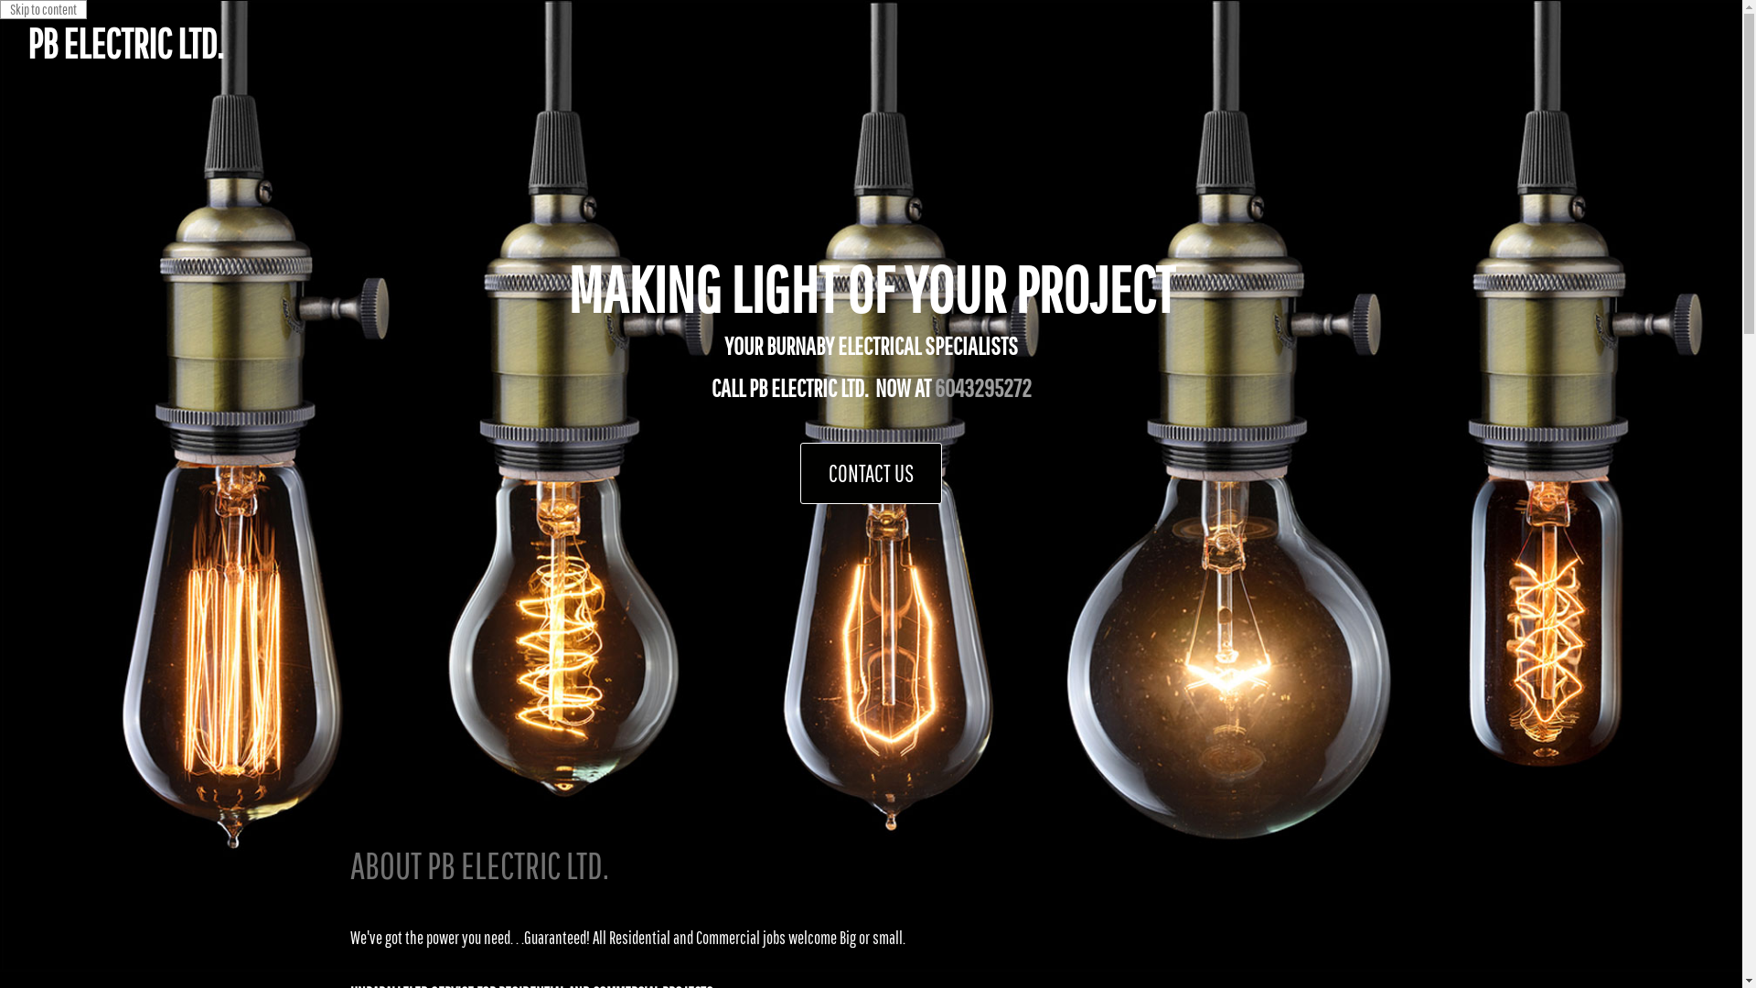 Image resolution: width=1756 pixels, height=988 pixels. I want to click on 'CONTACT US', so click(870, 472).